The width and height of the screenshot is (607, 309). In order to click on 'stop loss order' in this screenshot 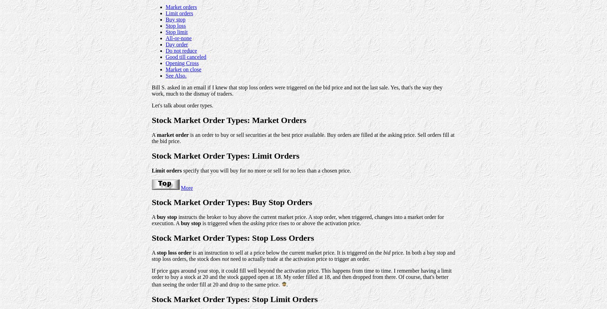, I will do `click(173, 253)`.